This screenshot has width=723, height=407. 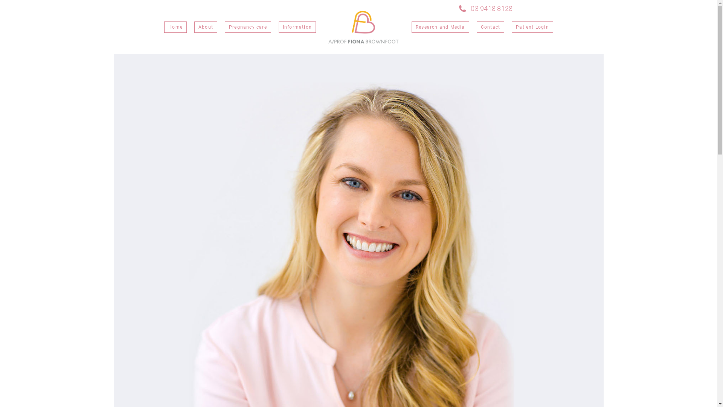 I want to click on 'Pregnancy care', so click(x=248, y=27).